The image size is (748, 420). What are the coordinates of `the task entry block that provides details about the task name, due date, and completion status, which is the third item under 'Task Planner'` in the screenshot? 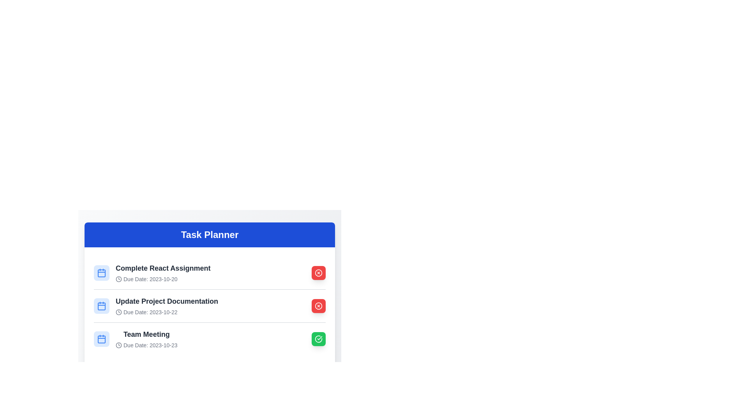 It's located at (210, 338).